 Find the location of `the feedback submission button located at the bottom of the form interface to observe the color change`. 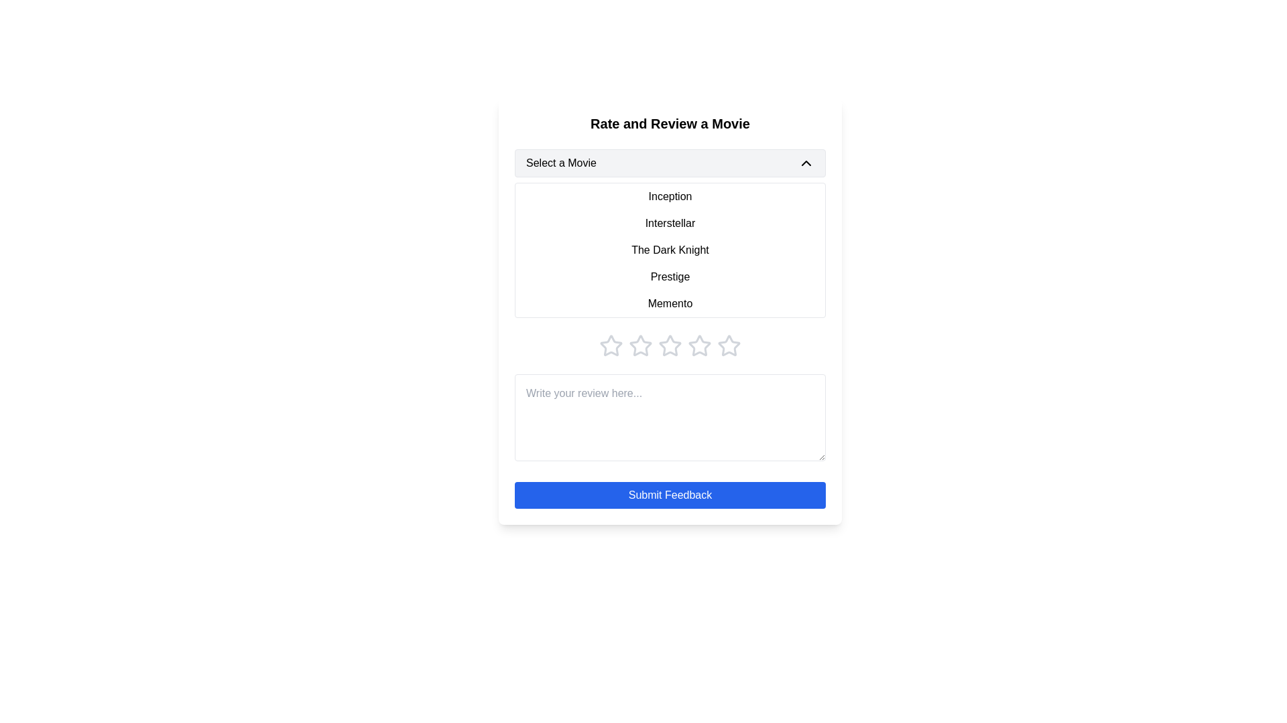

the feedback submission button located at the bottom of the form interface to observe the color change is located at coordinates (670, 495).